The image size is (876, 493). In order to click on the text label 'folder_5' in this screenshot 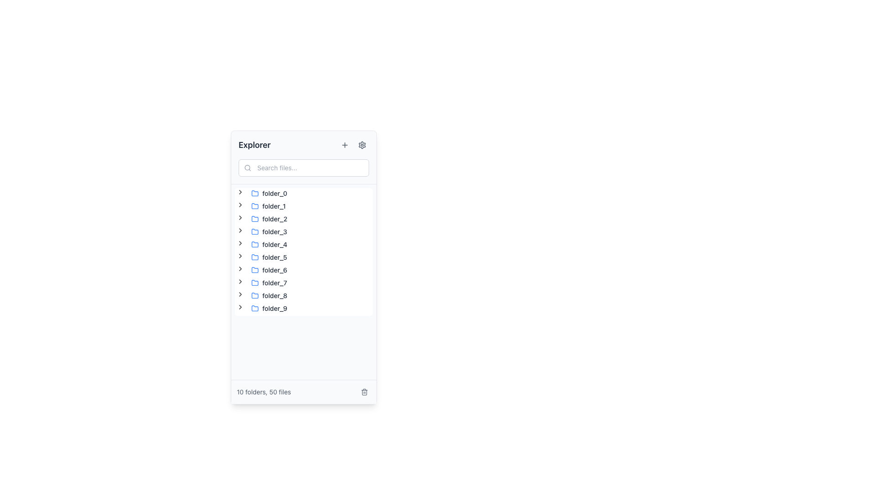, I will do `click(274, 257)`.